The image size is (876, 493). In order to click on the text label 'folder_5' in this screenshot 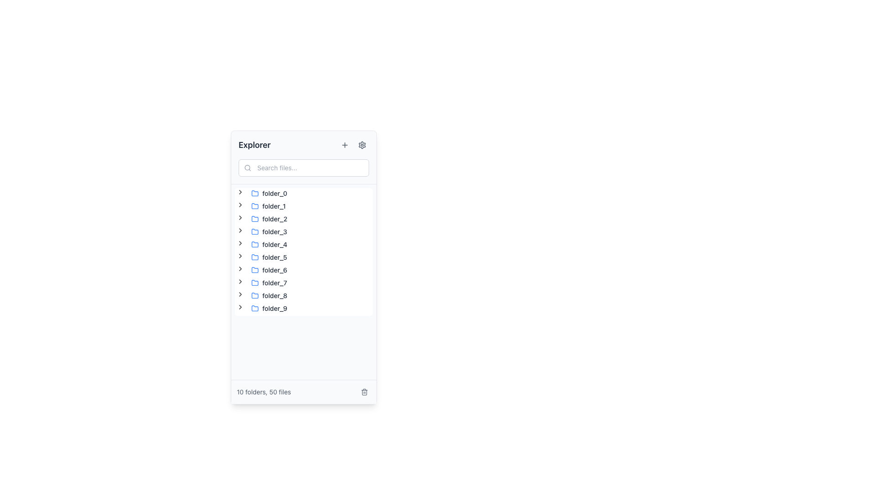, I will do `click(274, 257)`.